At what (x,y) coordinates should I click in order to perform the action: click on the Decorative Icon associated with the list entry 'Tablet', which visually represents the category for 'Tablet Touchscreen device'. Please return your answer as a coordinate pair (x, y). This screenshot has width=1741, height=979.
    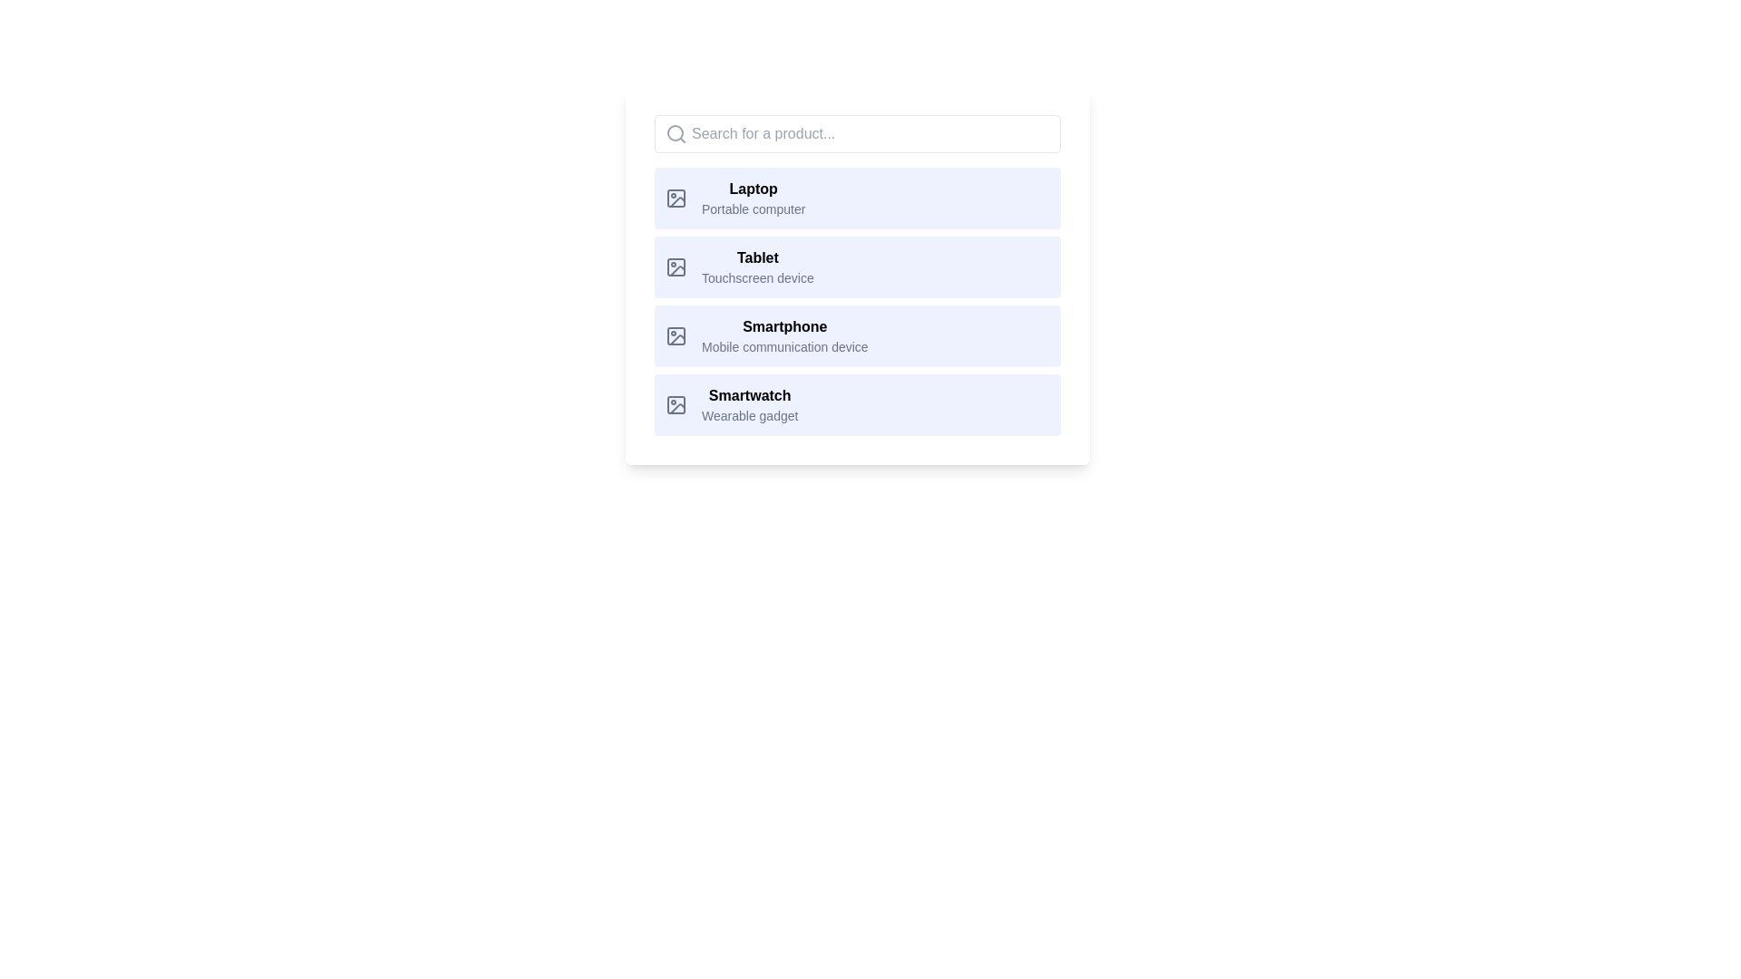
    Looking at the image, I should click on (675, 267).